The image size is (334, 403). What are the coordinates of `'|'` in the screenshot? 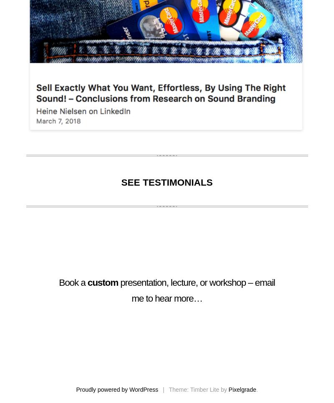 It's located at (164, 389).